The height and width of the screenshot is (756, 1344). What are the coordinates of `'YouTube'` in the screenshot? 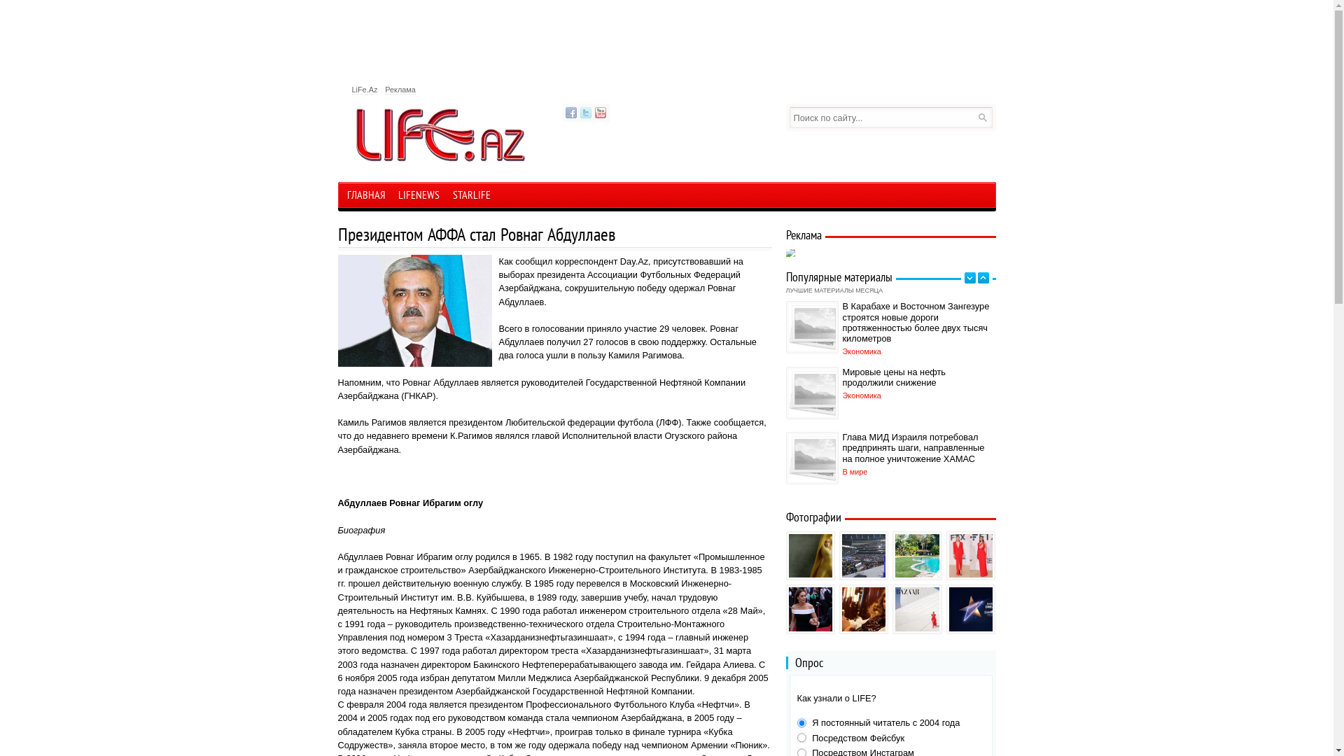 It's located at (601, 112).